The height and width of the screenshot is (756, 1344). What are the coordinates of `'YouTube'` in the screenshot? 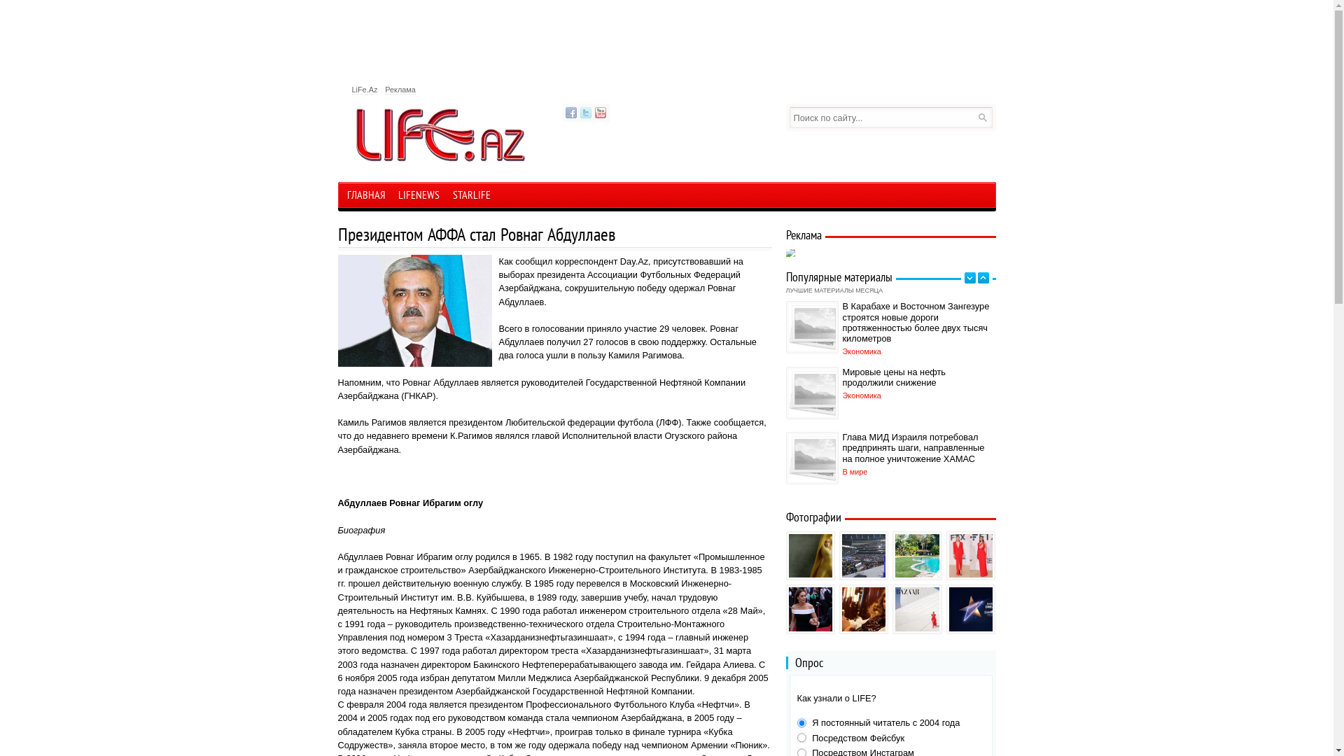 It's located at (601, 112).